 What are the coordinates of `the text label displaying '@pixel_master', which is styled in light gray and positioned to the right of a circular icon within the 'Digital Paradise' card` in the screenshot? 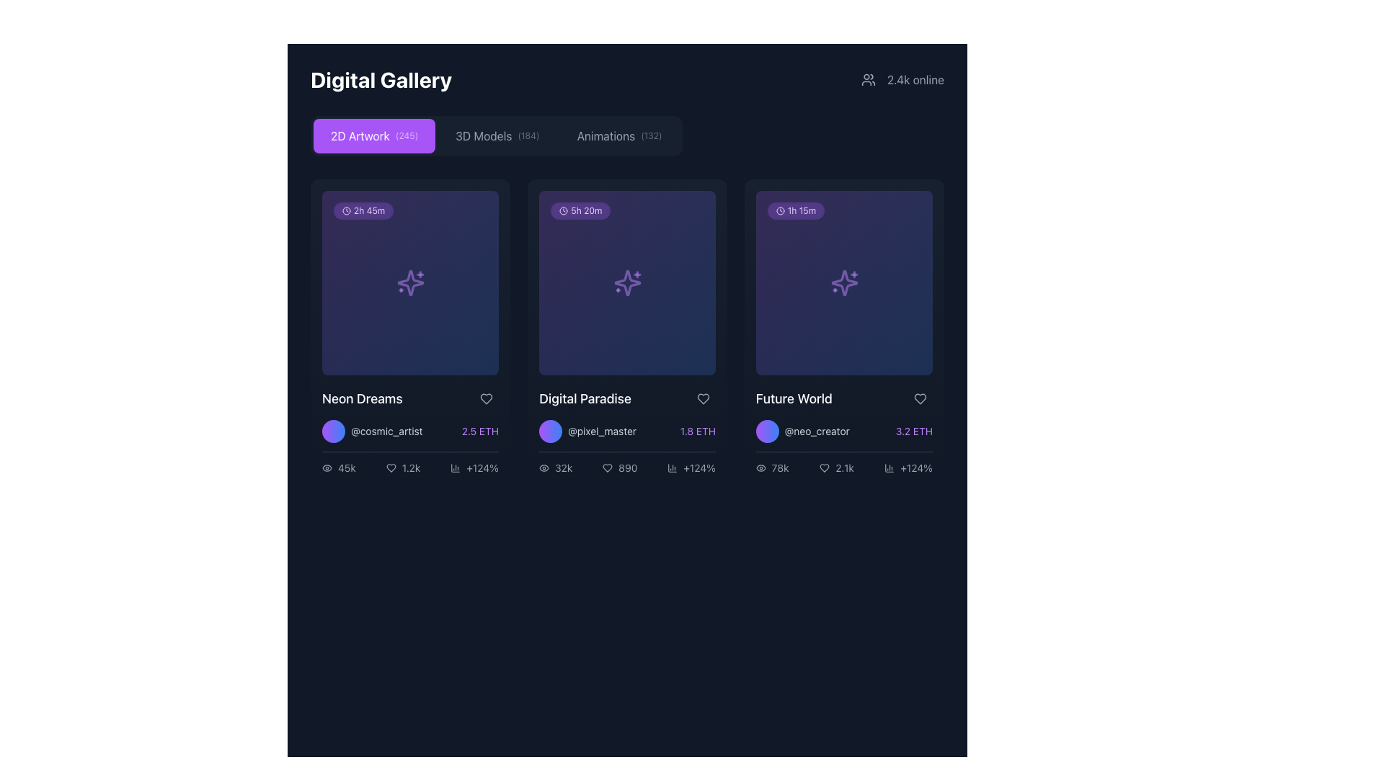 It's located at (602, 430).